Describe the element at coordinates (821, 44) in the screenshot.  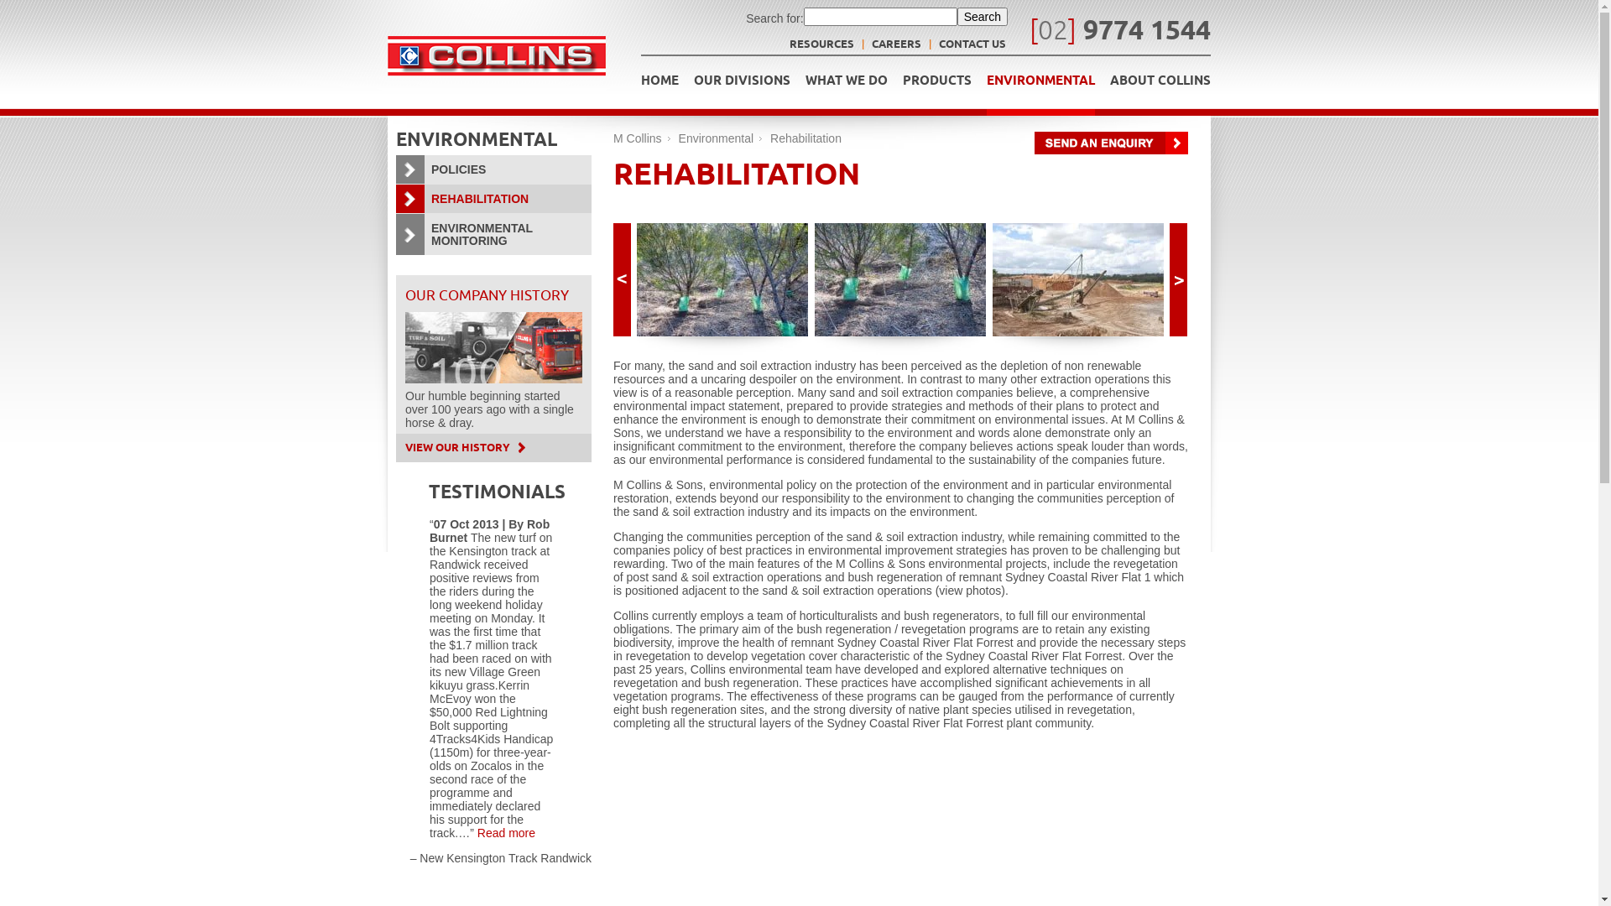
I see `'RESOURCES'` at that location.